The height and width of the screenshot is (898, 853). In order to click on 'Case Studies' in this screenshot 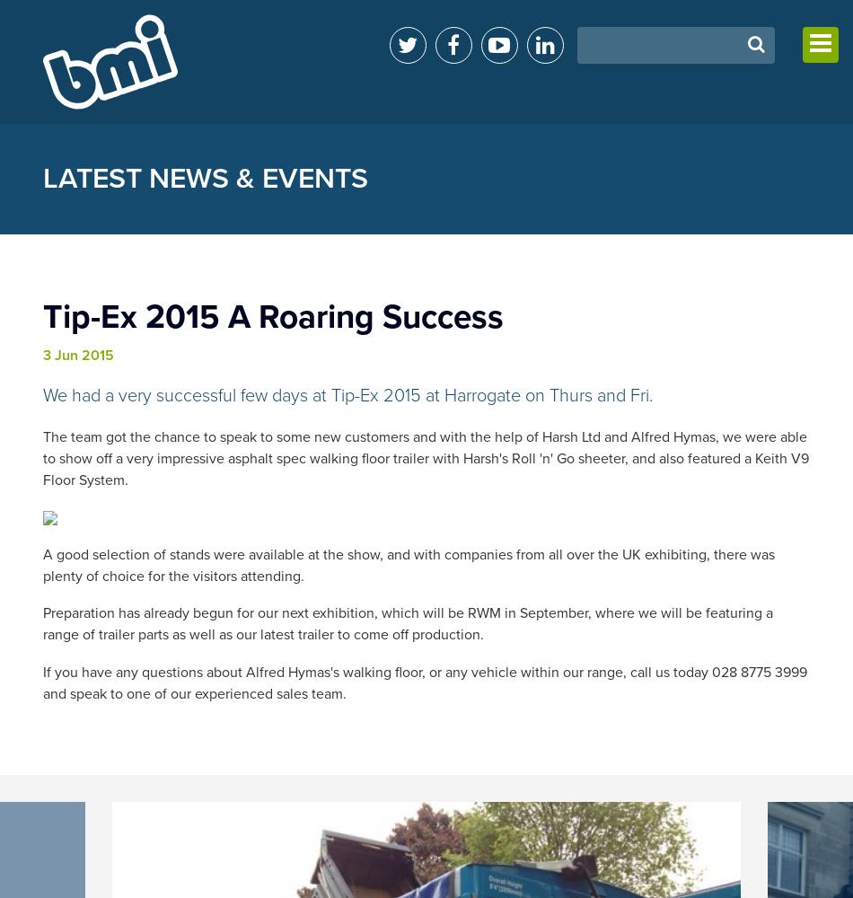, I will do `click(646, 297)`.